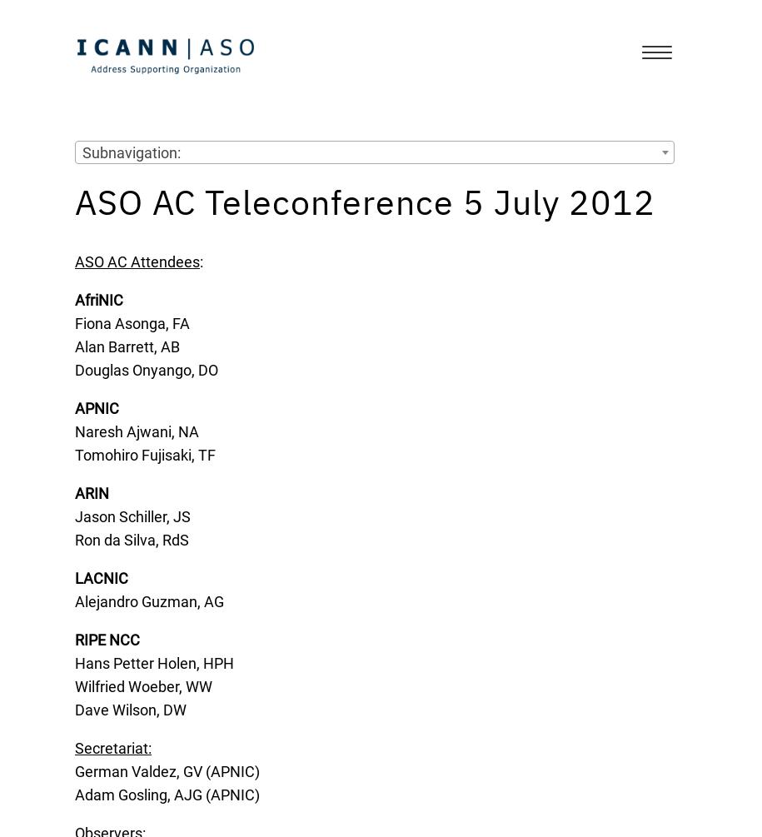  I want to click on 'Ron da Silva, RdS', so click(131, 539).